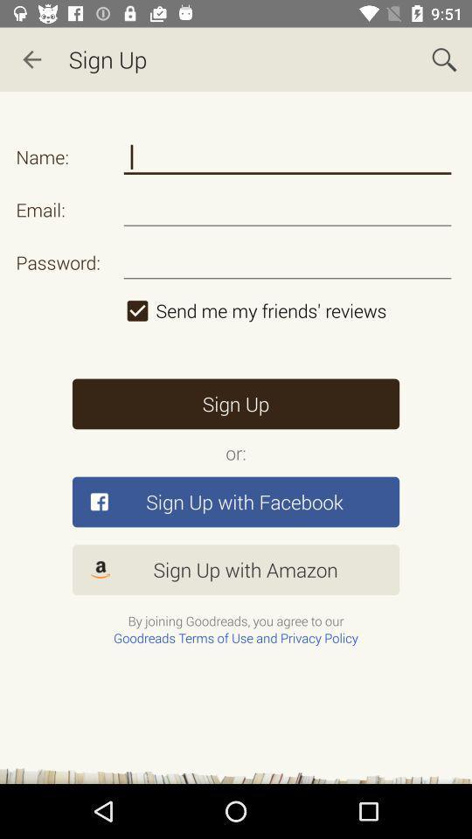 Image resolution: width=472 pixels, height=839 pixels. Describe the element at coordinates (288, 156) in the screenshot. I see `the icon to the right of name:` at that location.